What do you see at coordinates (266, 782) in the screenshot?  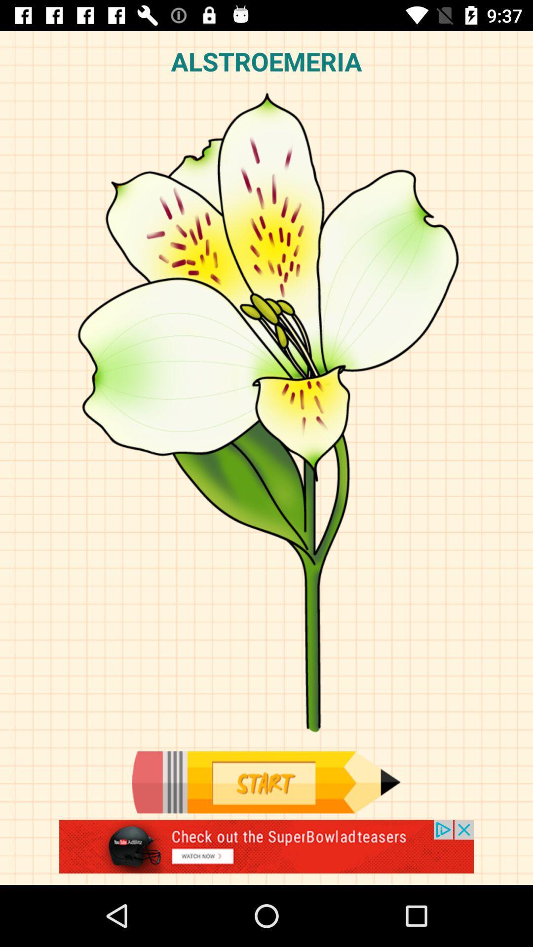 I see `goes to next page` at bounding box center [266, 782].